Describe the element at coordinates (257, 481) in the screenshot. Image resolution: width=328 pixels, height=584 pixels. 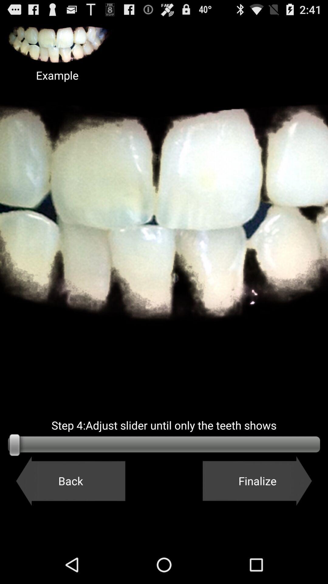
I see `the finalize icon` at that location.